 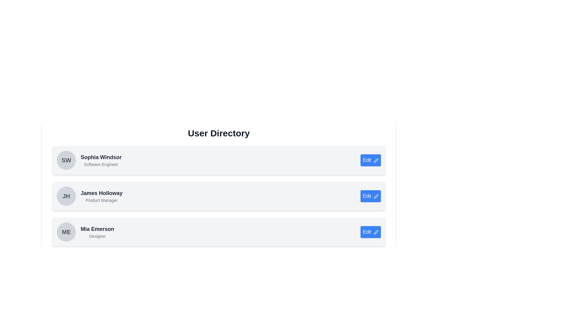 What do you see at coordinates (102, 196) in the screenshot?
I see `the text display element showing the user's full name and job title, located in the second user card, positioned to the center-right of the circular avatar labeled 'JH'` at bounding box center [102, 196].